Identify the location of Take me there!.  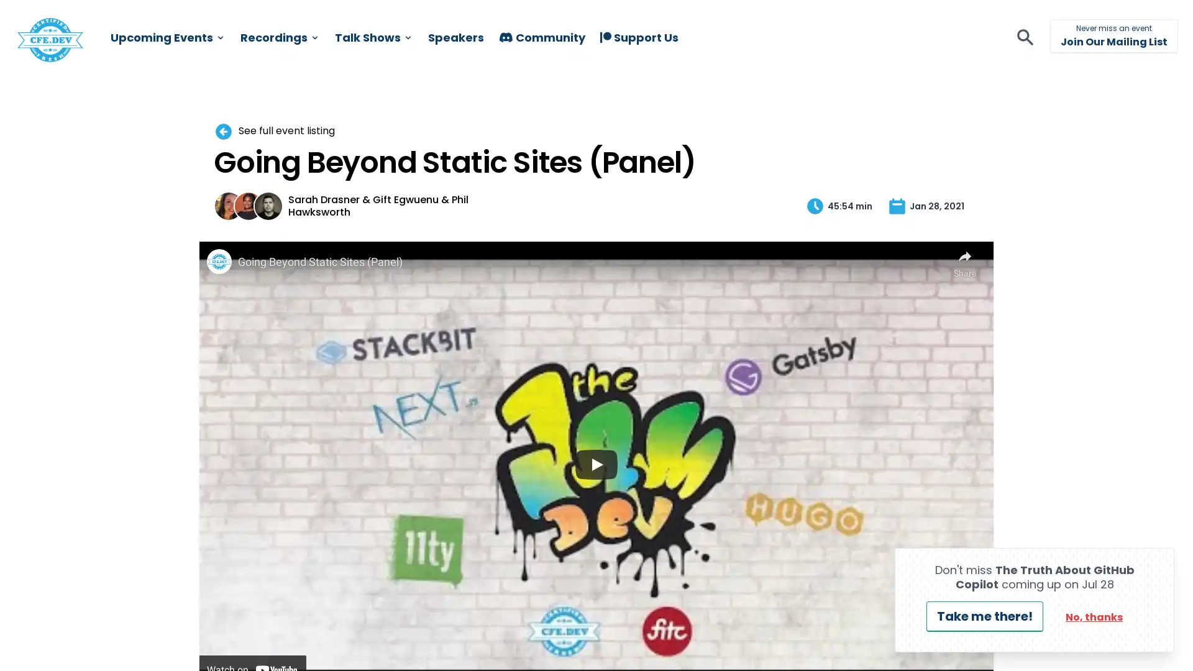
(984, 616).